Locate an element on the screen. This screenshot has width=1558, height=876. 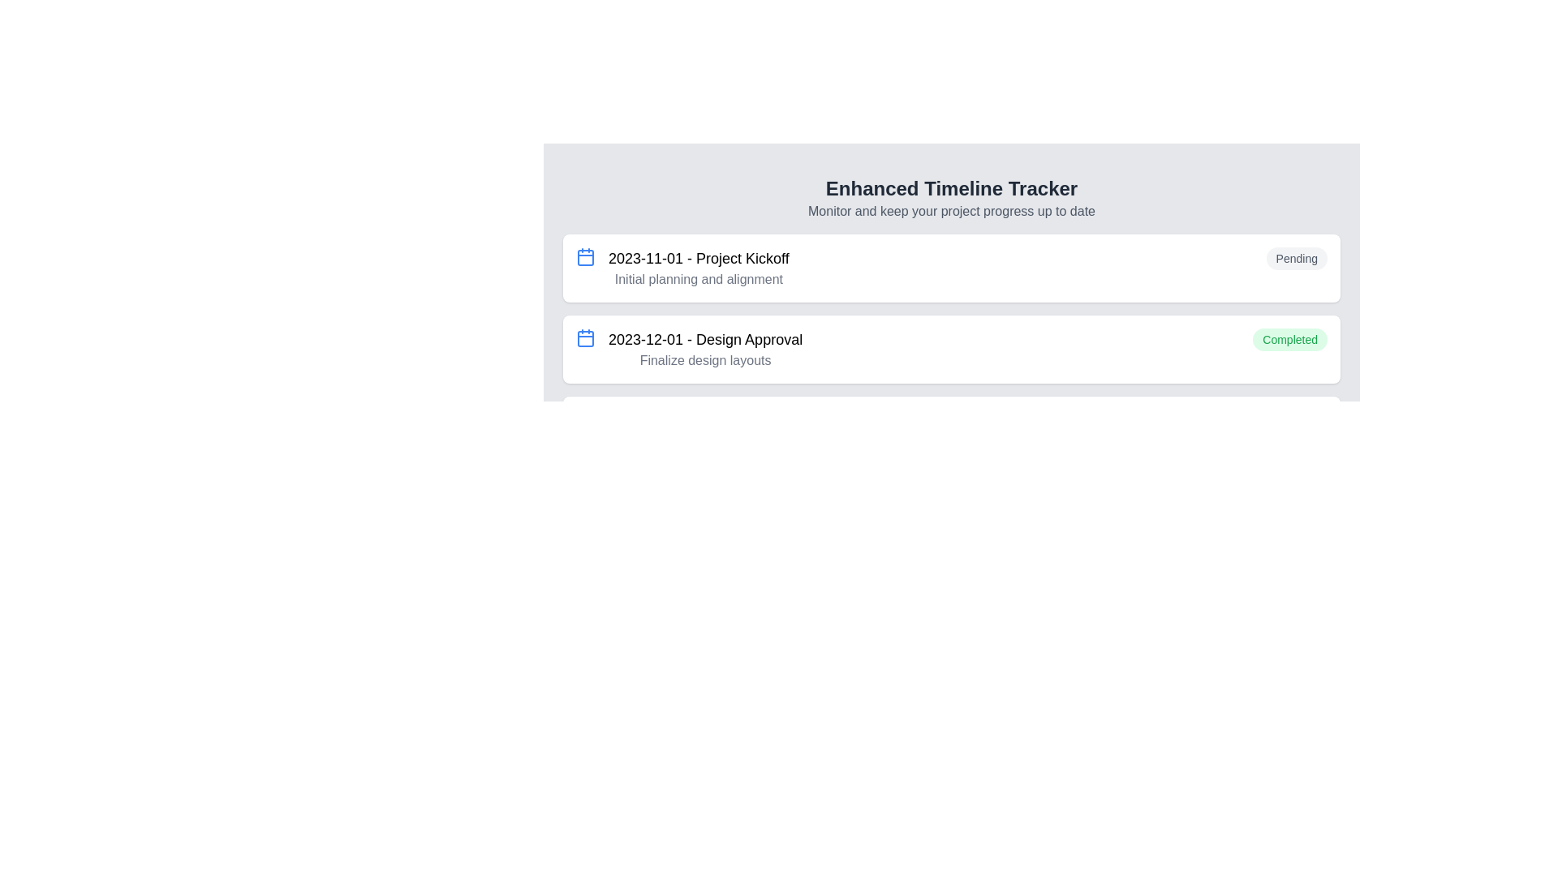
the text label displaying 'Initial planning and alignment' which is located beneath the heading '2023-11-01 - Project Kickoff' in the first timeline entry is located at coordinates (699, 278).